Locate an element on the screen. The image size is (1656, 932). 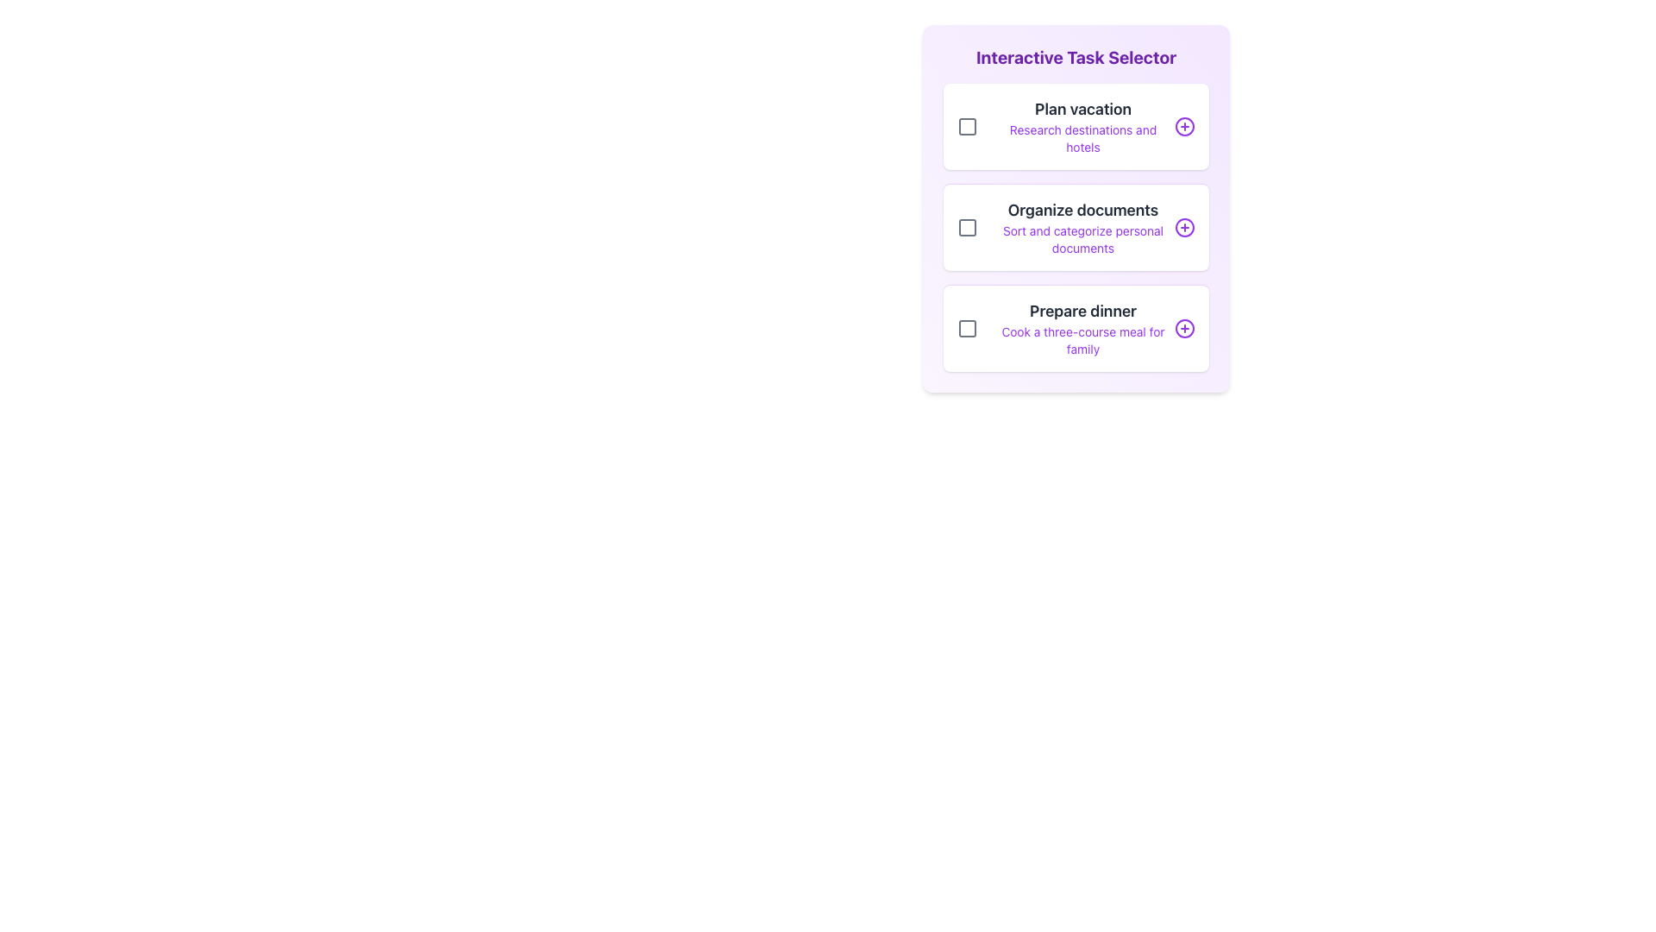
the 'Prepare dinner' text label located in the third task option of the 'Interactive Task Selector' interface is located at coordinates (1082, 312).